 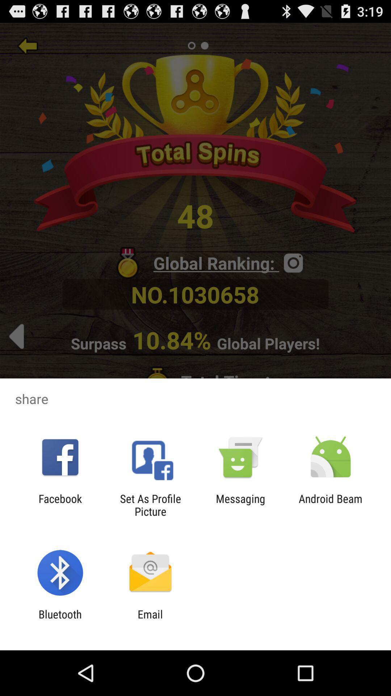 What do you see at coordinates (150, 505) in the screenshot?
I see `icon to the right of the facebook icon` at bounding box center [150, 505].